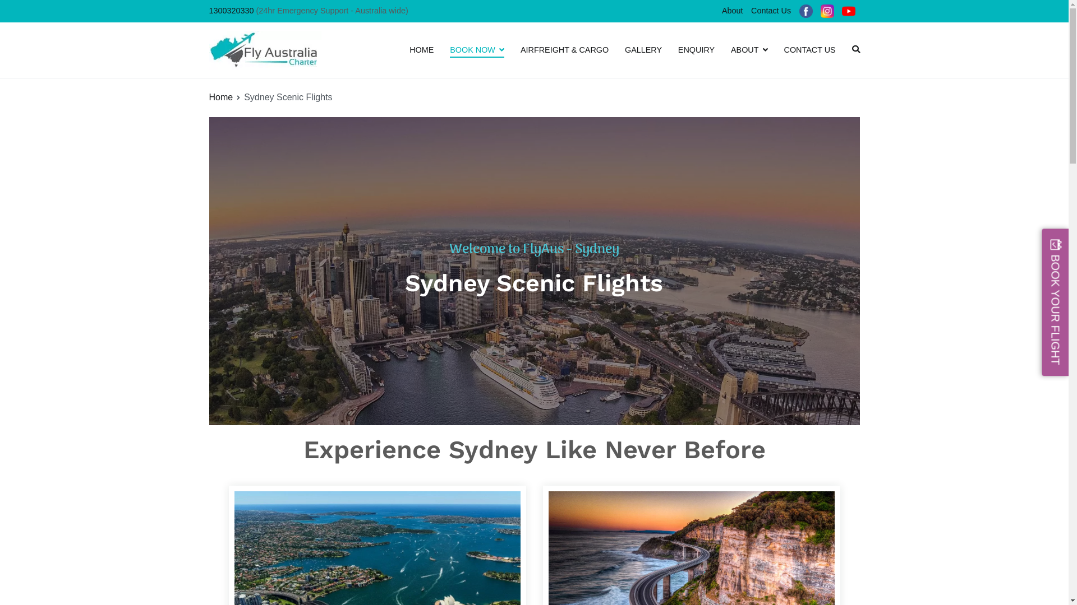 The height and width of the screenshot is (605, 1077). Describe the element at coordinates (749, 49) in the screenshot. I see `'ABOUT'` at that location.